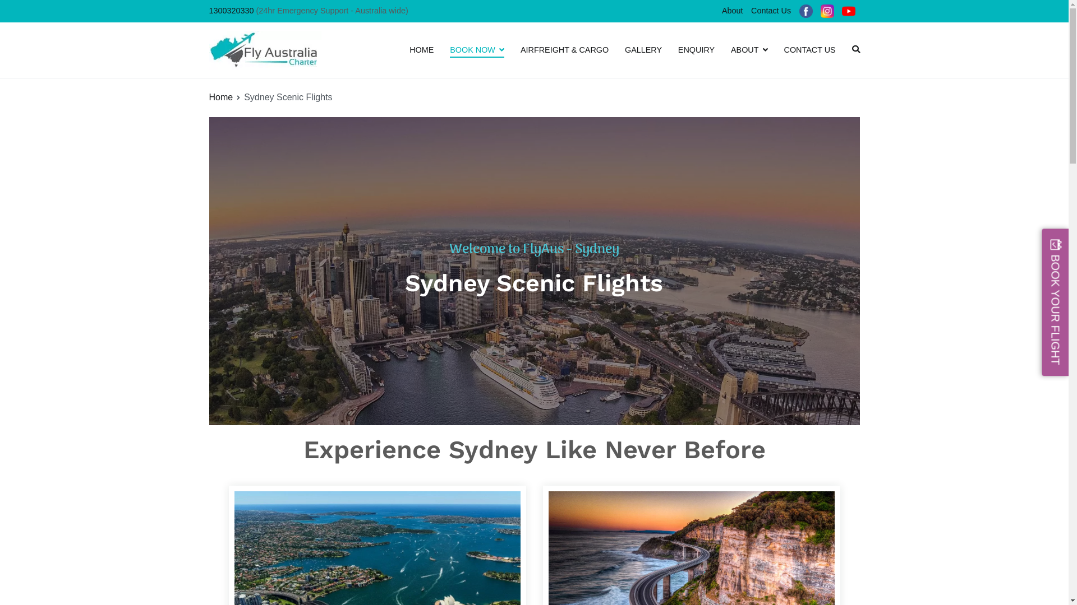 The height and width of the screenshot is (605, 1077). Describe the element at coordinates (749, 49) in the screenshot. I see `'ABOUT'` at that location.